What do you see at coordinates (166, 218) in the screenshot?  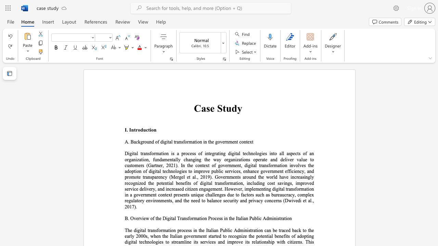 I see `the subset text "igital Transformation Proc" within the text "B. Overview of the Digital Transformation Process in the Italian Public Administration"` at bounding box center [166, 218].